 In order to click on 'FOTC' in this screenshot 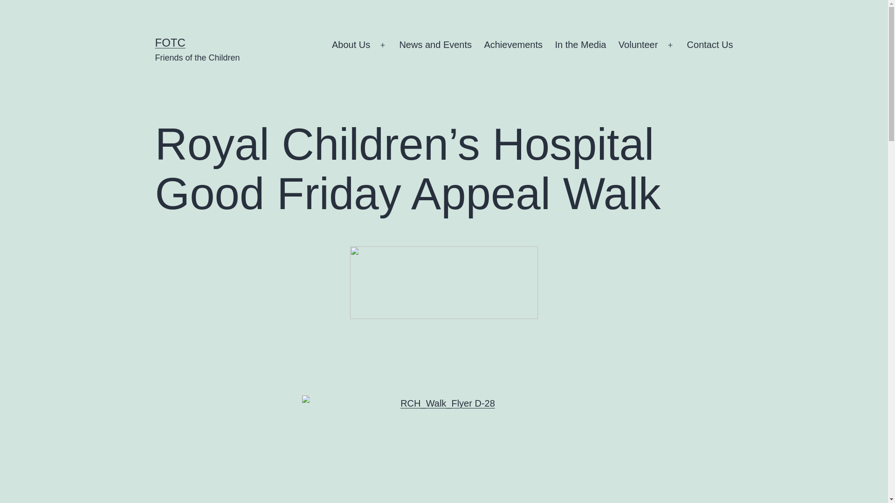, I will do `click(170, 42)`.